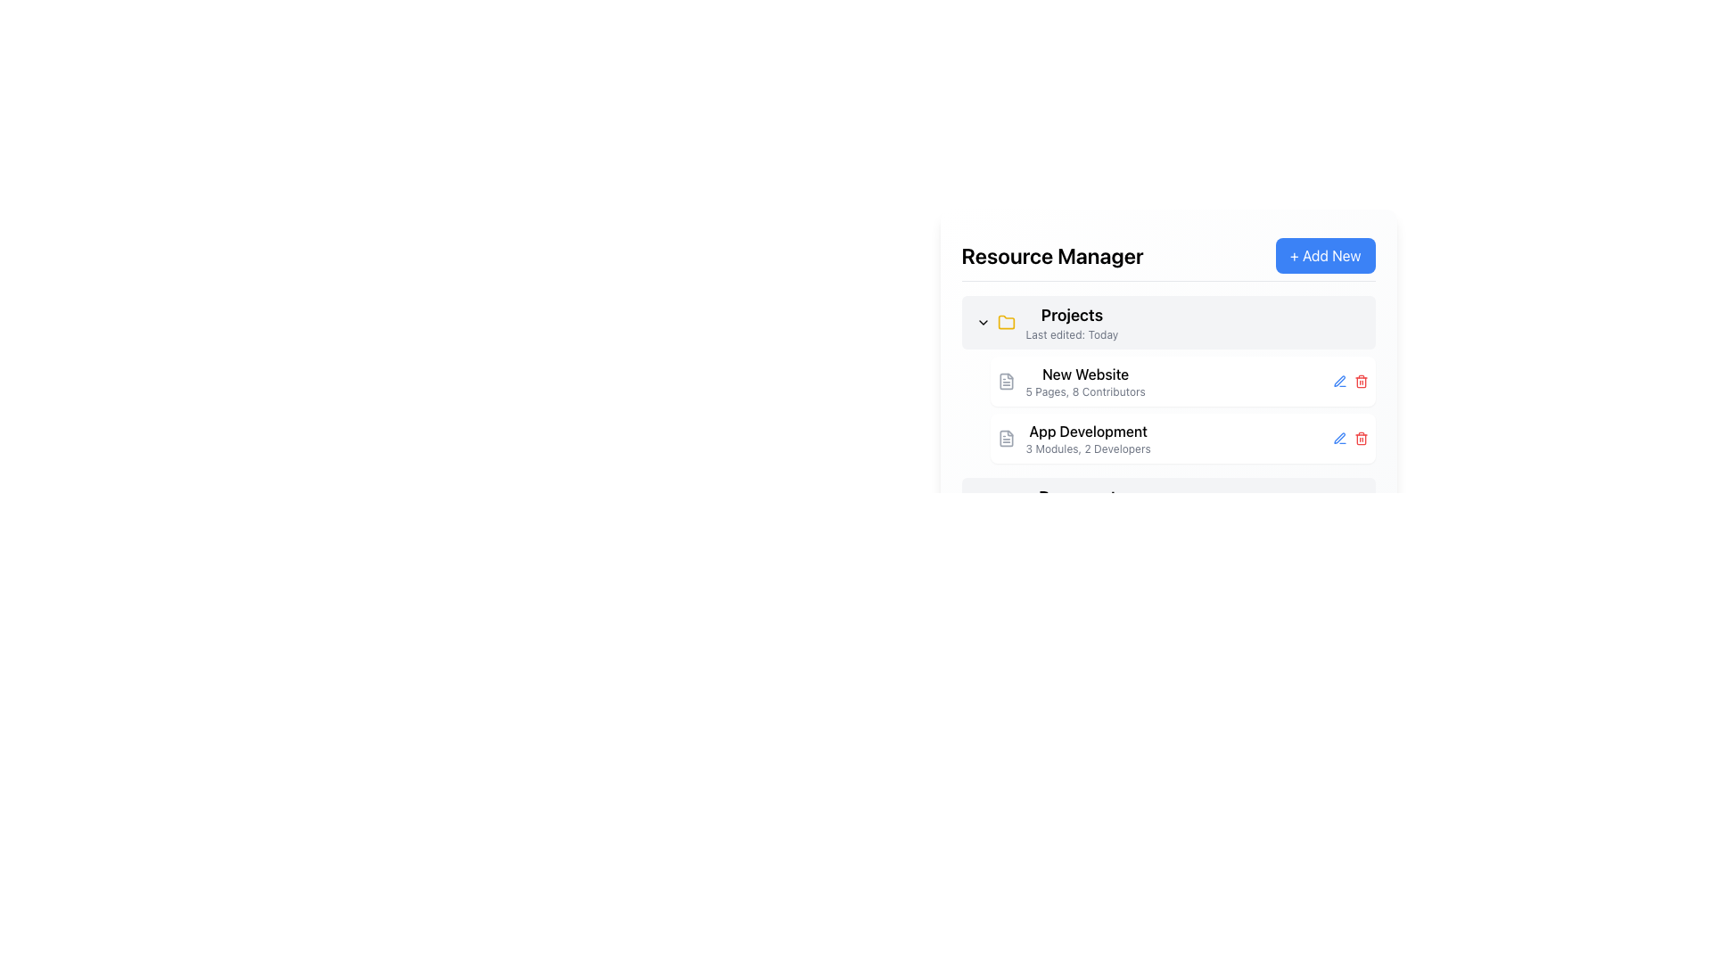 The width and height of the screenshot is (1712, 963). What do you see at coordinates (1006, 439) in the screenshot?
I see `the gray document icon located to the left of the text 'App Development' in the 'Projects' section` at bounding box center [1006, 439].